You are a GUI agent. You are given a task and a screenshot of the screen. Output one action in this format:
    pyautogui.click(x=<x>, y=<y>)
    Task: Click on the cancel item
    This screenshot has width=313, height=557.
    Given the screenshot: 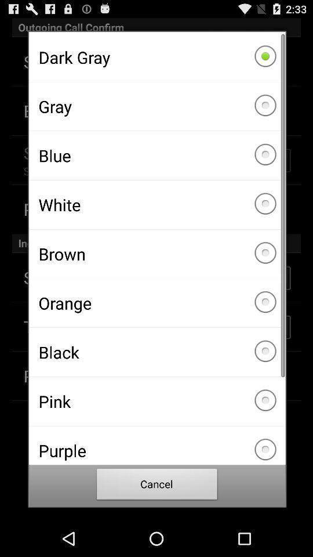 What is the action you would take?
    pyautogui.click(x=156, y=486)
    